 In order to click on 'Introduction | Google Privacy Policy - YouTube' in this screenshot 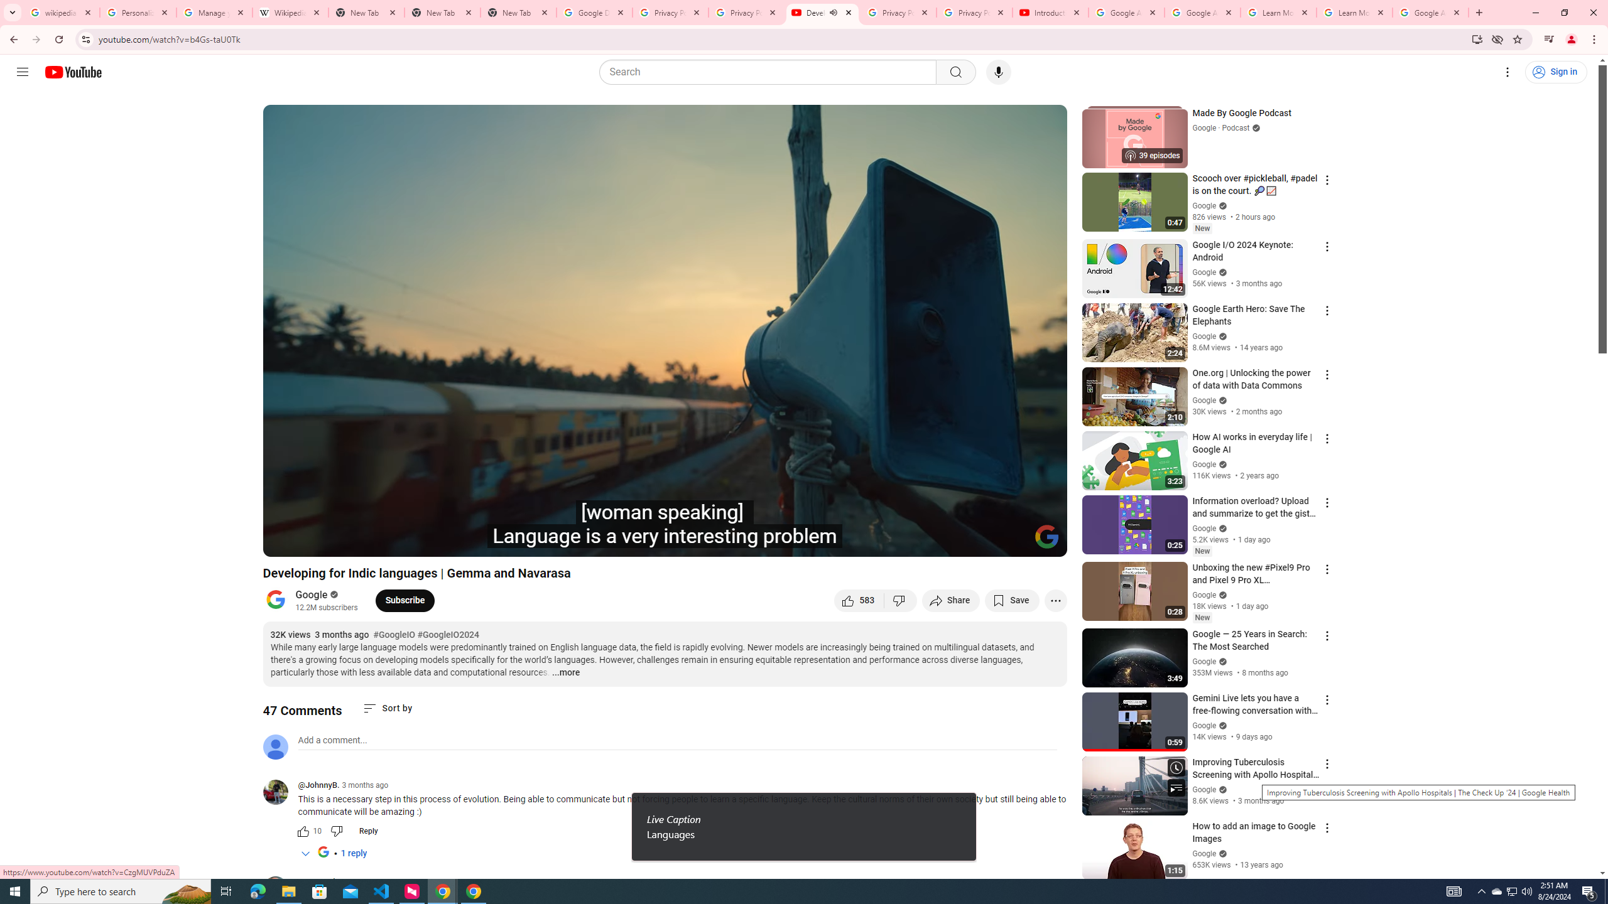, I will do `click(1050, 12)`.